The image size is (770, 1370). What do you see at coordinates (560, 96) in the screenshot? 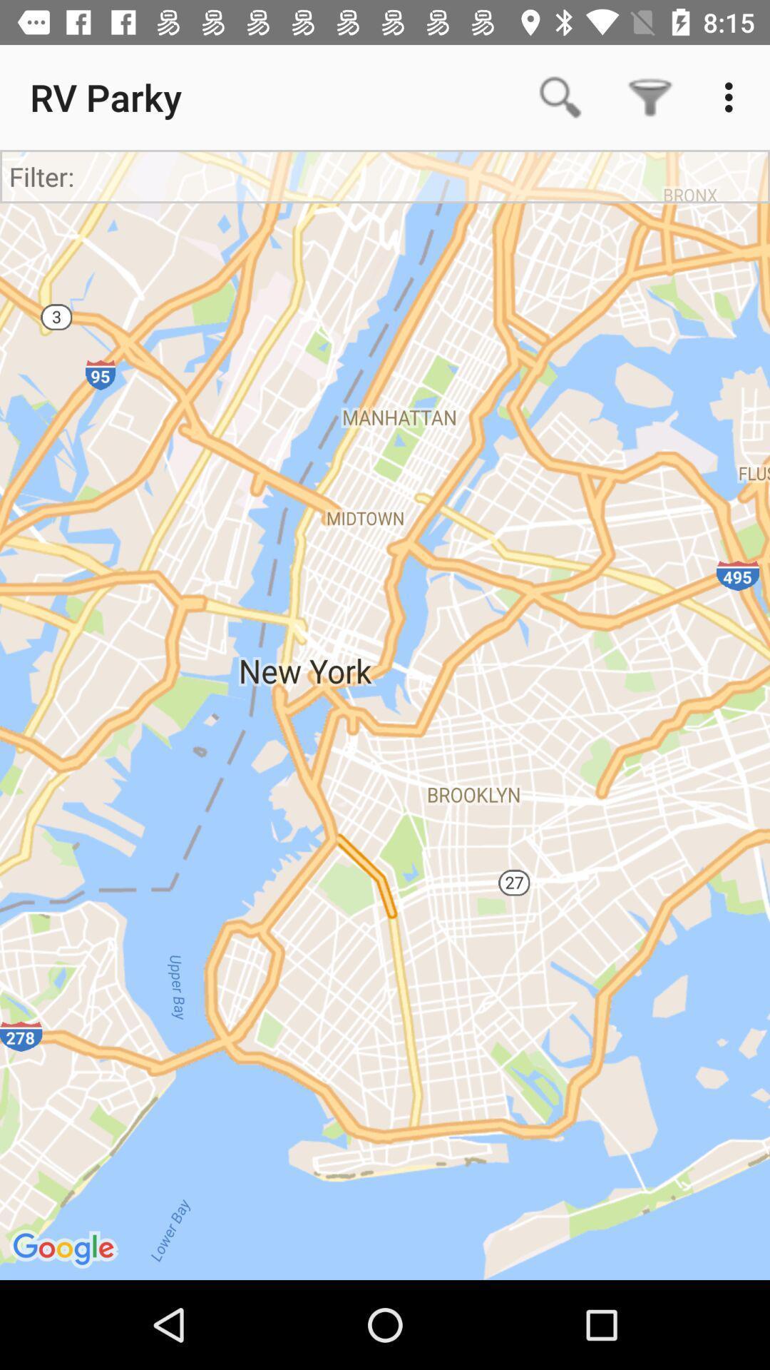
I see `app next to rv parky icon` at bounding box center [560, 96].